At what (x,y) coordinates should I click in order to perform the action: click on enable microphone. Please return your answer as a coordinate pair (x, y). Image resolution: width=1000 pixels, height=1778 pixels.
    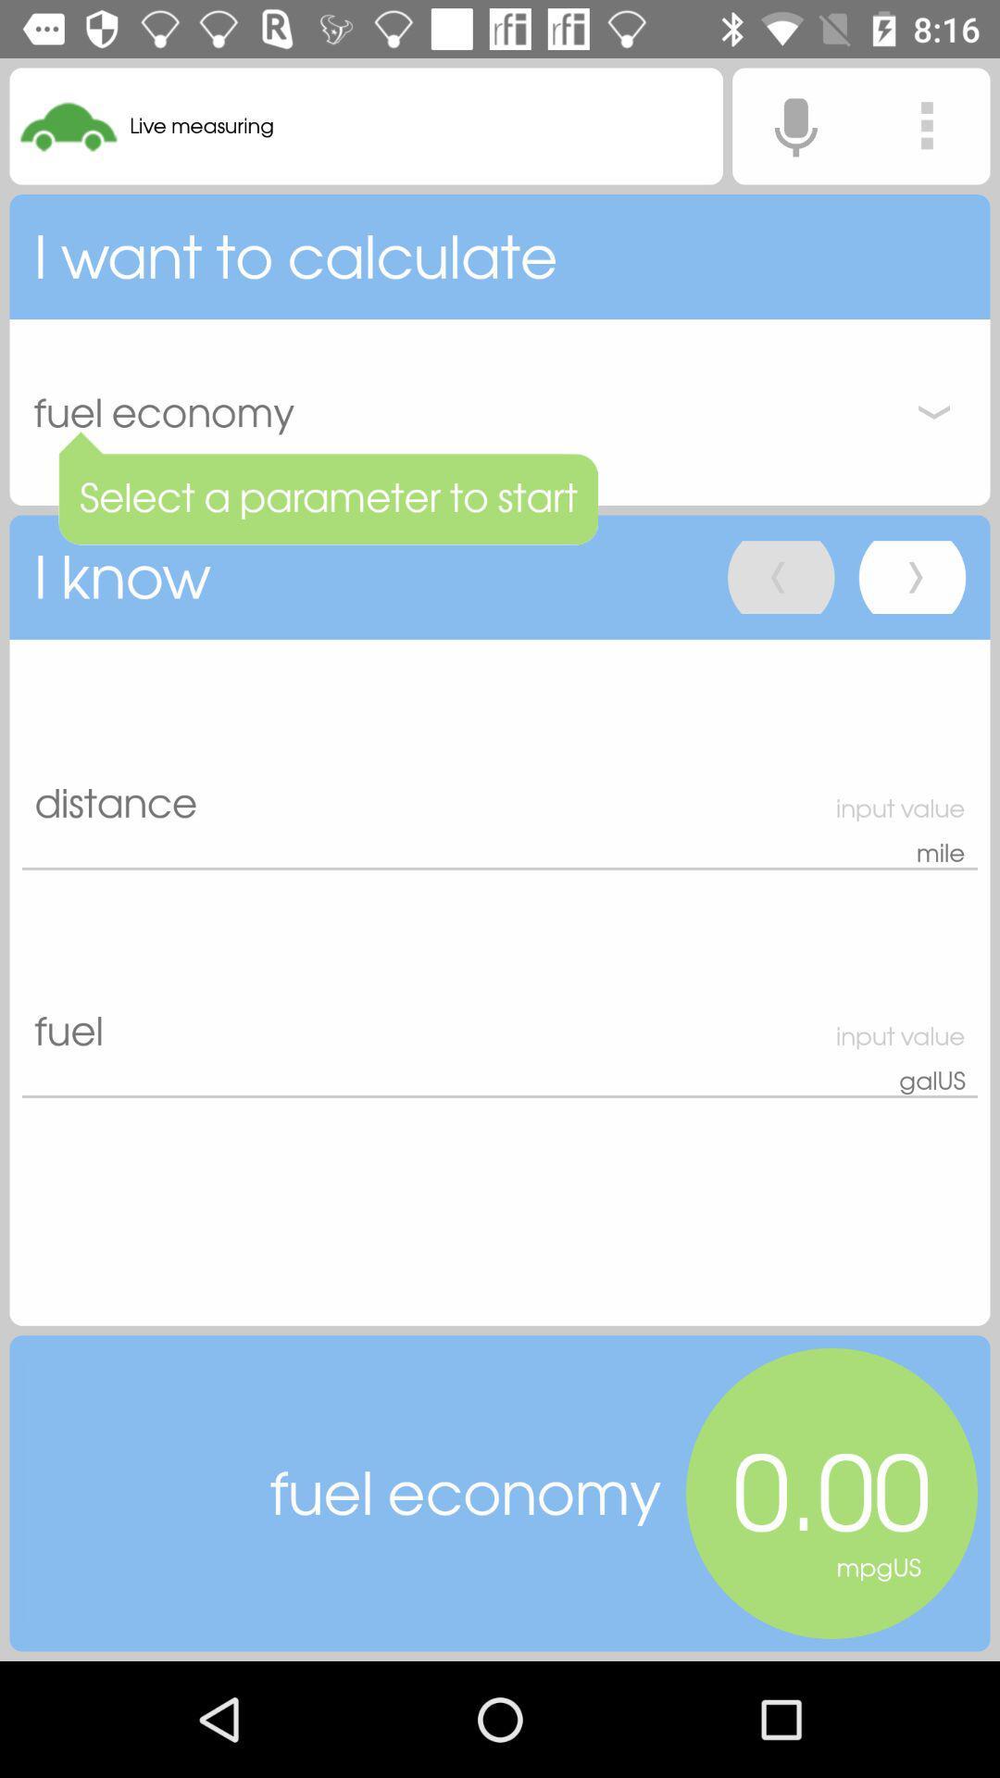
    Looking at the image, I should click on (794, 125).